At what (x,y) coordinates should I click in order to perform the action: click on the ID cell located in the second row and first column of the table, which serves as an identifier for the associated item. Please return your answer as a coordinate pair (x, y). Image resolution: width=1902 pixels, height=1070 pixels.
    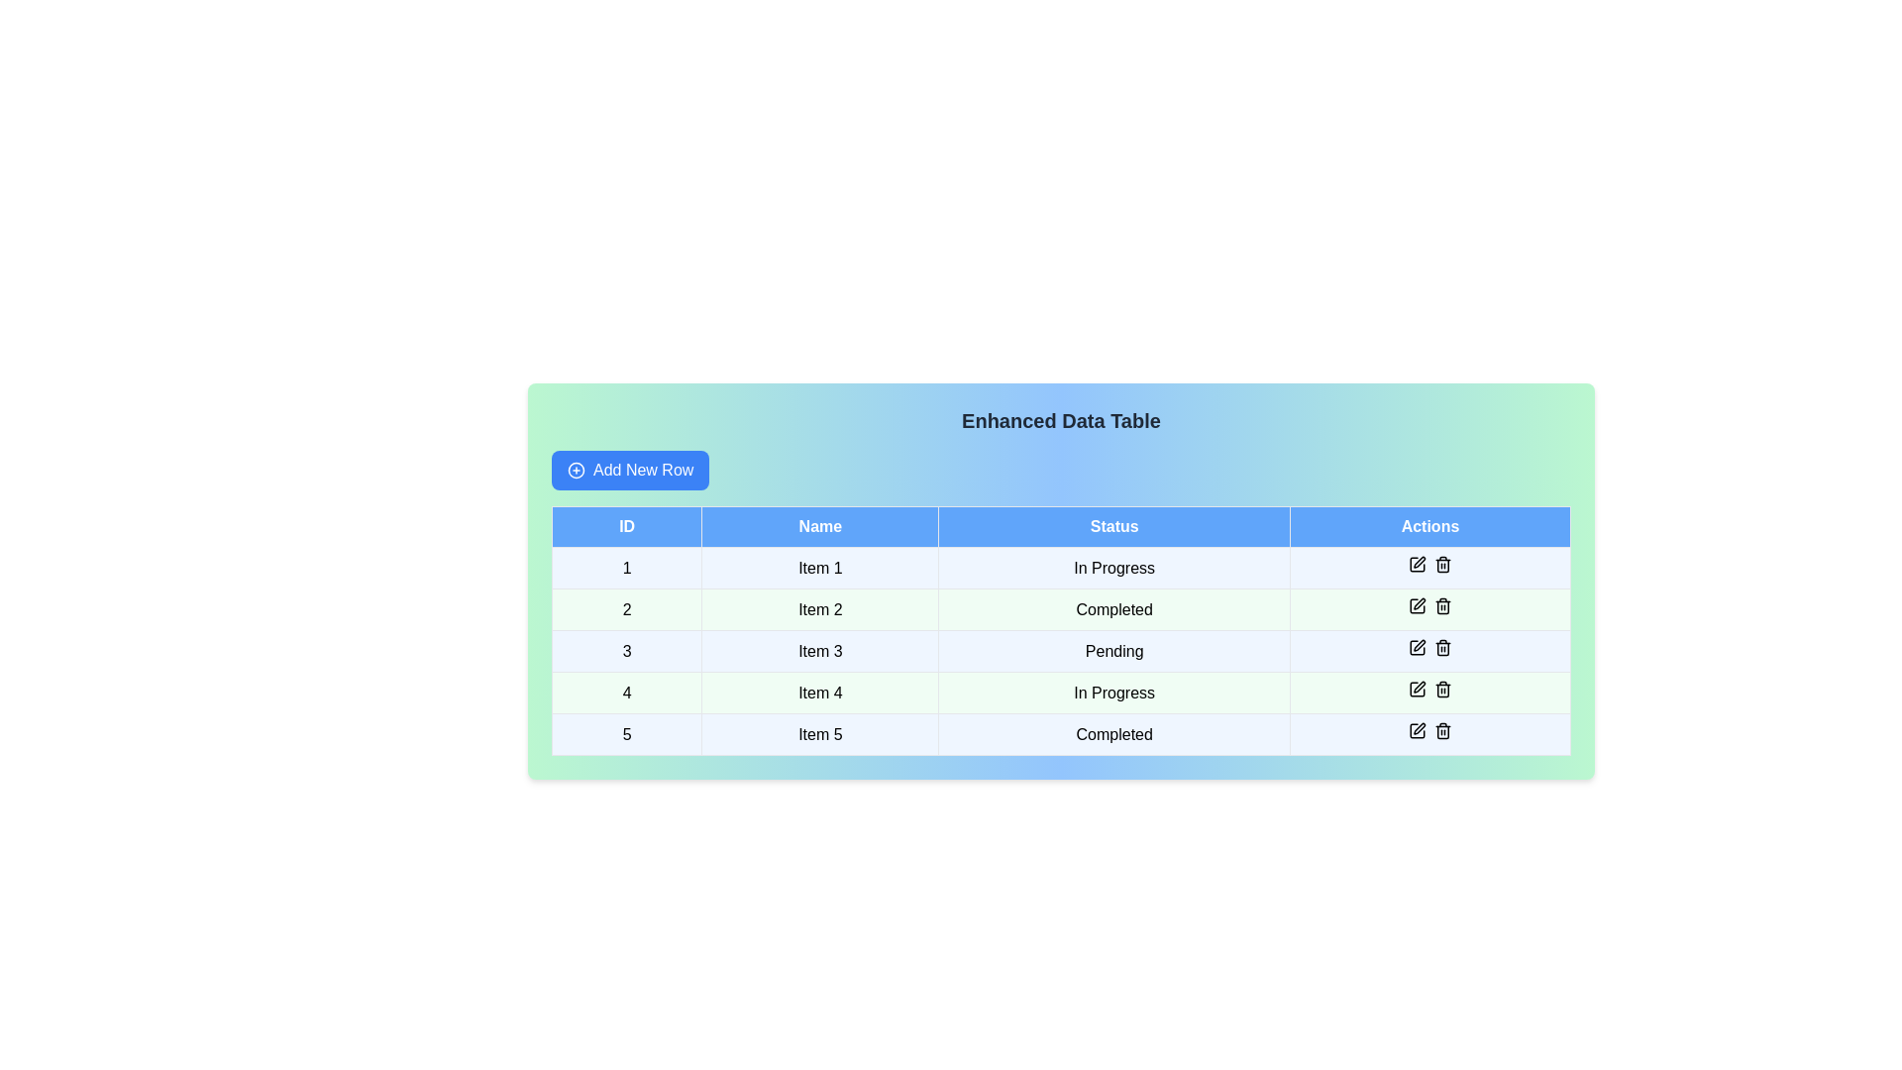
    Looking at the image, I should click on (626, 608).